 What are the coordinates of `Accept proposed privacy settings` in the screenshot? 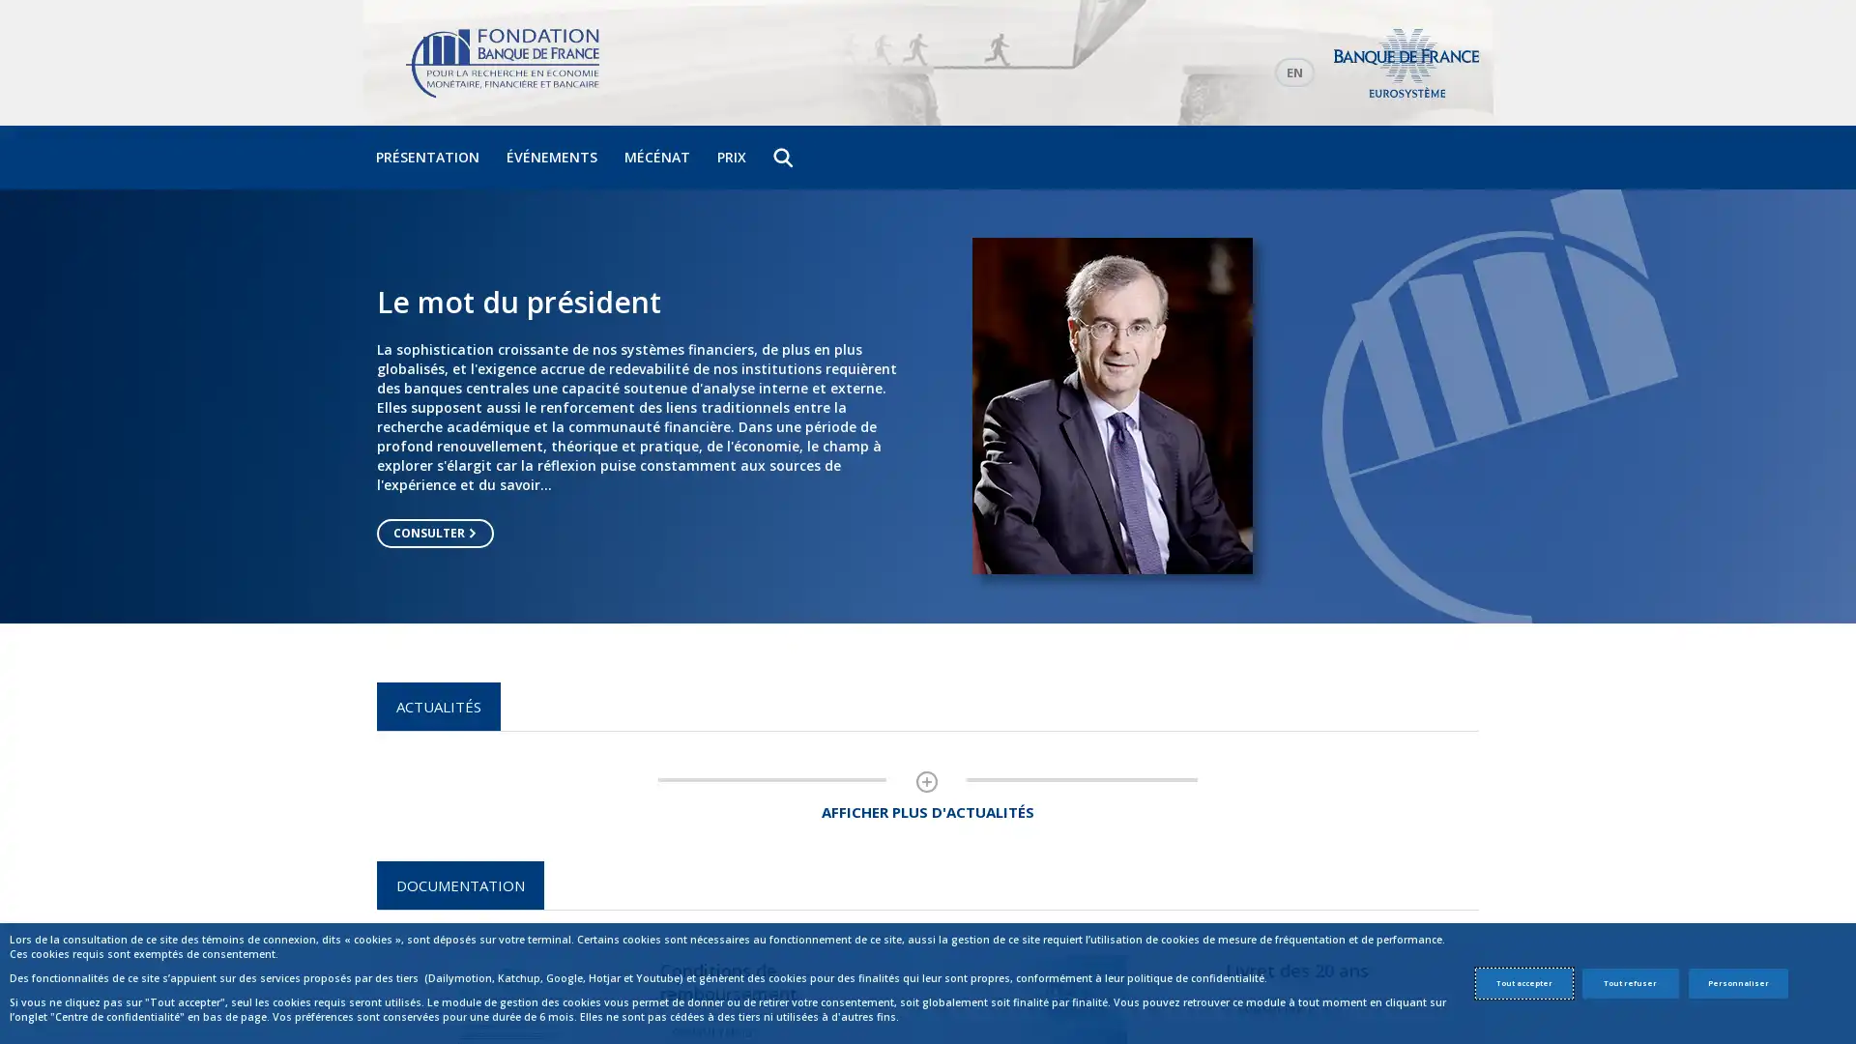 It's located at (1522, 983).